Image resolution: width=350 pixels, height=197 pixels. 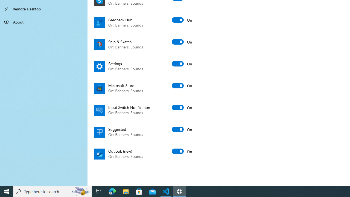 What do you see at coordinates (126, 191) in the screenshot?
I see `'File Explorer'` at bounding box center [126, 191].